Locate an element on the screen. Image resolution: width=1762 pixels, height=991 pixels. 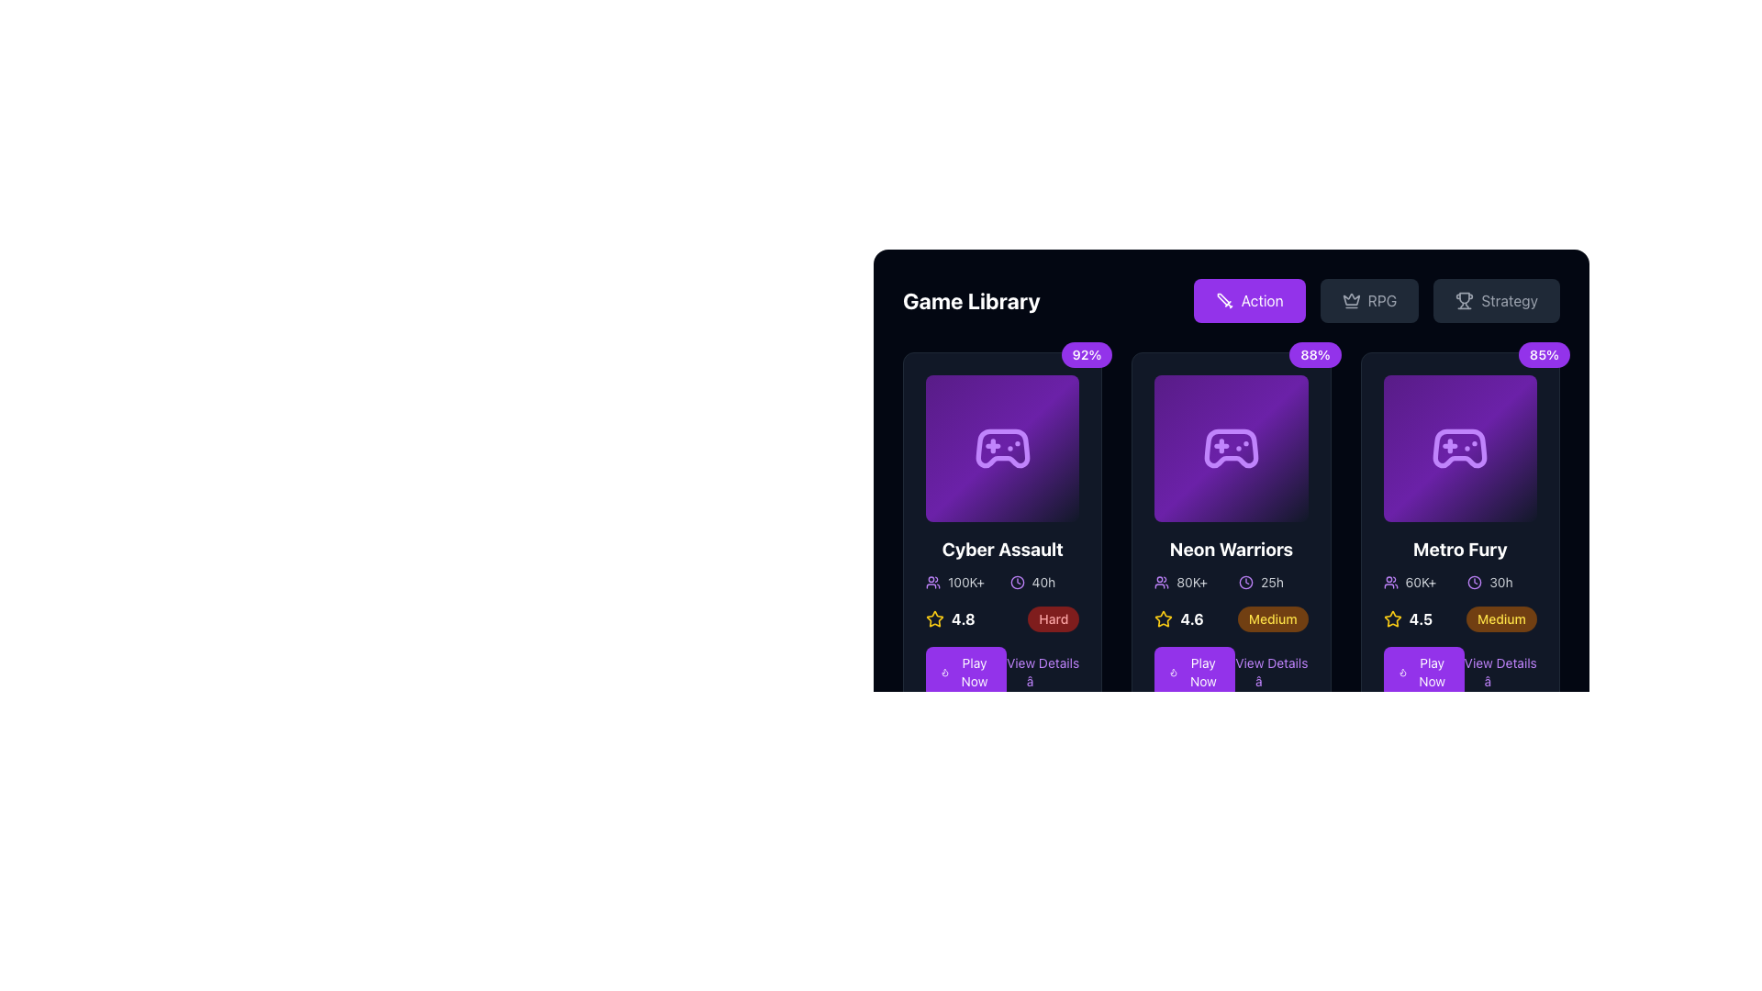
the flame-shaped icon located to the left of the 'Play Now' text within the button for the game 'Metro Fury' is located at coordinates (1401, 672).